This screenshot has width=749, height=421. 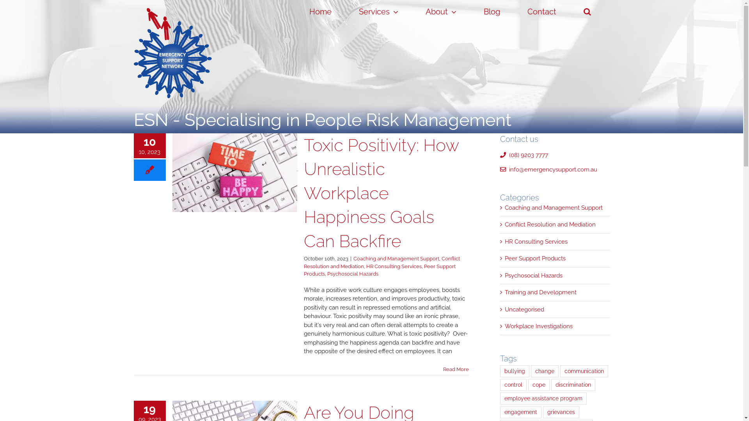 What do you see at coordinates (544, 370) in the screenshot?
I see `'change'` at bounding box center [544, 370].